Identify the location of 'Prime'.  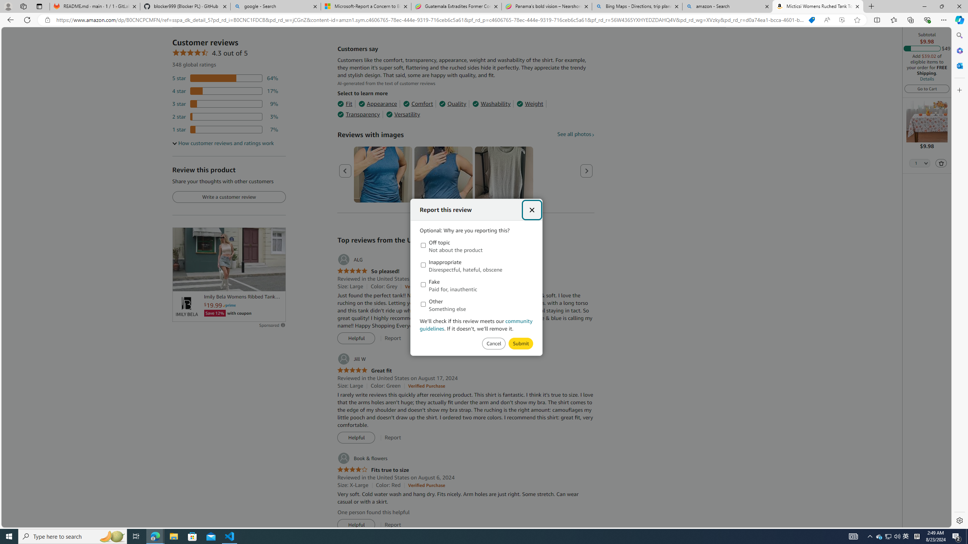
(229, 305).